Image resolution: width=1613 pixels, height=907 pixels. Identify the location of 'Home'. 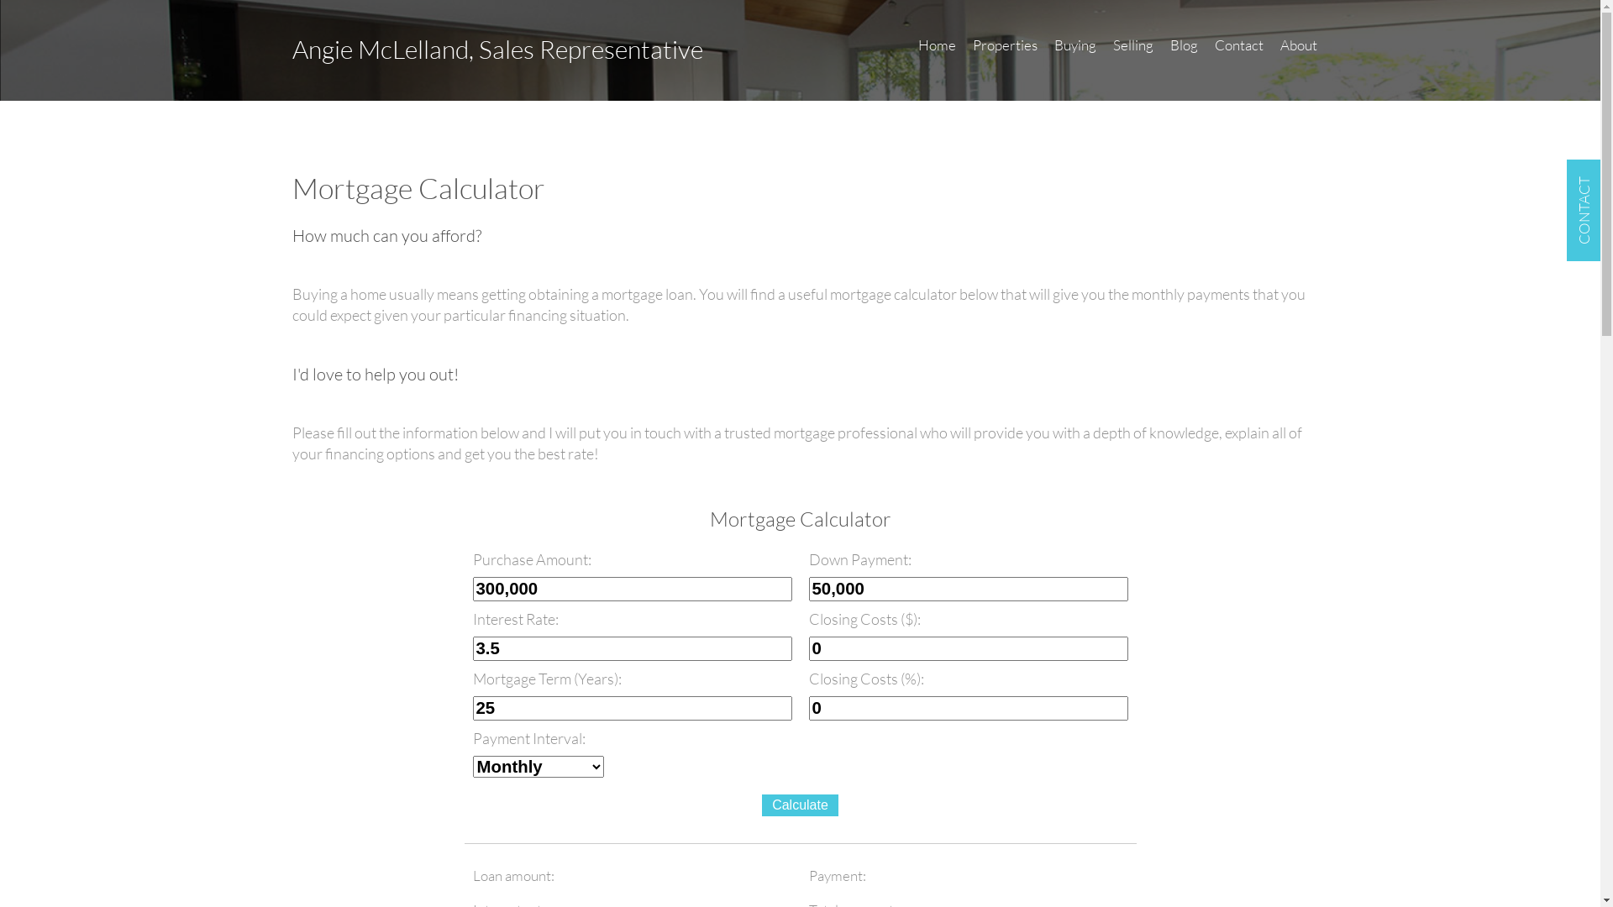
(935, 50).